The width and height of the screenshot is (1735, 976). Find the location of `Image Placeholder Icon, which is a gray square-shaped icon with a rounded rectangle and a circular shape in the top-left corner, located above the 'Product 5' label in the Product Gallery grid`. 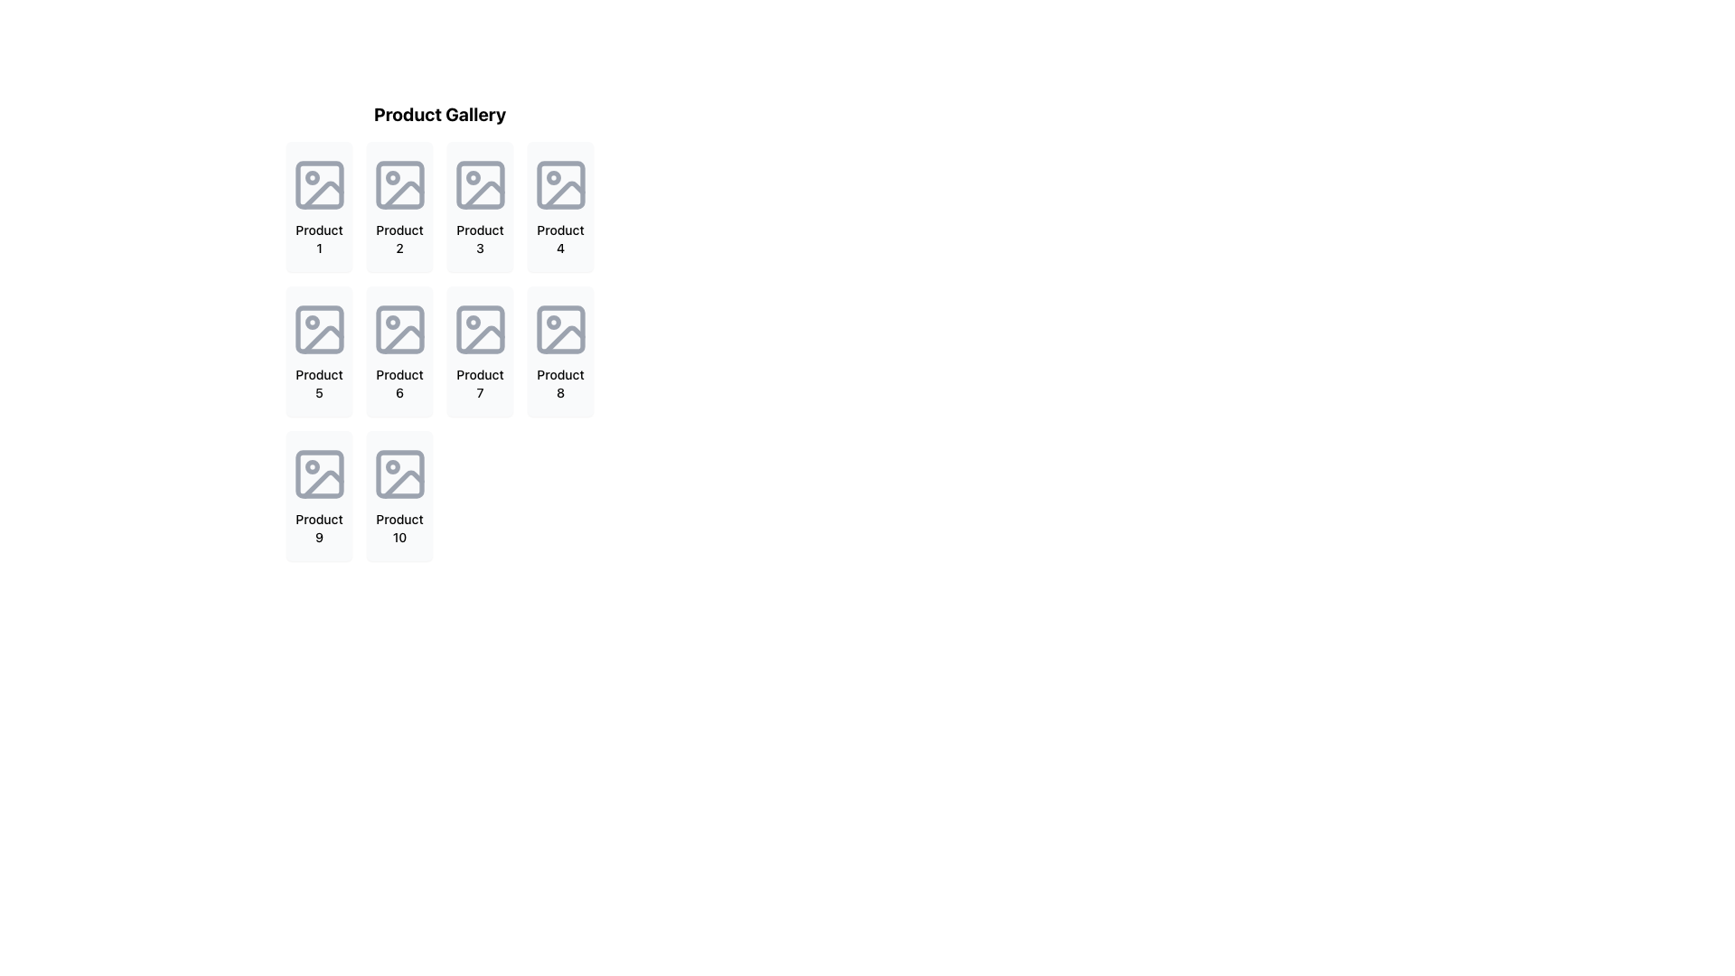

Image Placeholder Icon, which is a gray square-shaped icon with a rounded rectangle and a circular shape in the top-left corner, located above the 'Product 5' label in the Product Gallery grid is located at coordinates (319, 330).